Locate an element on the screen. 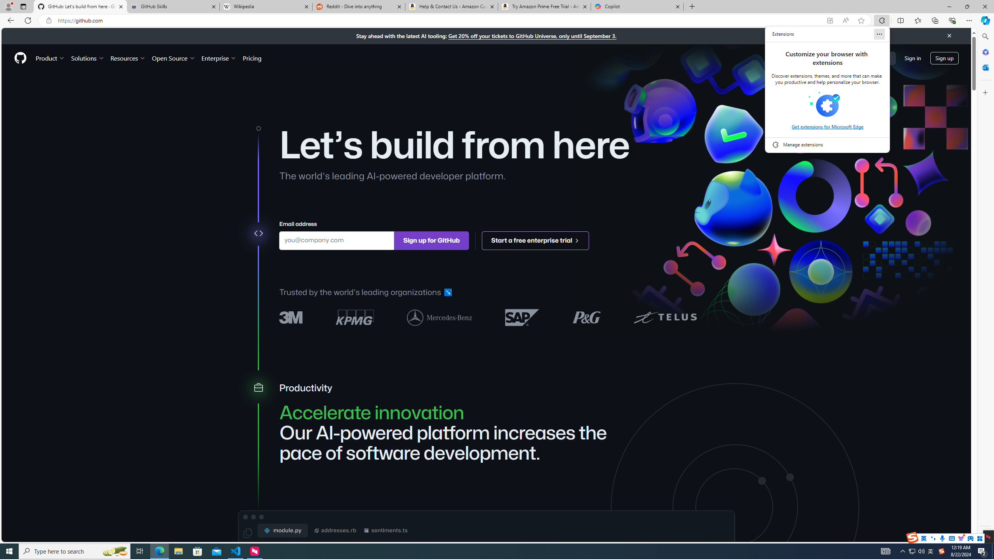 This screenshot has height=559, width=994. 'Get extensions for Microsoft Edge' is located at coordinates (827, 126).